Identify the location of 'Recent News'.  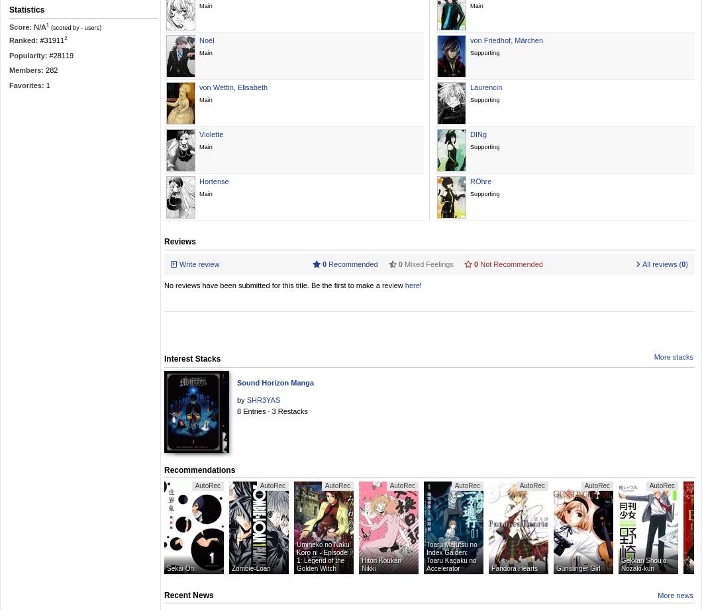
(189, 593).